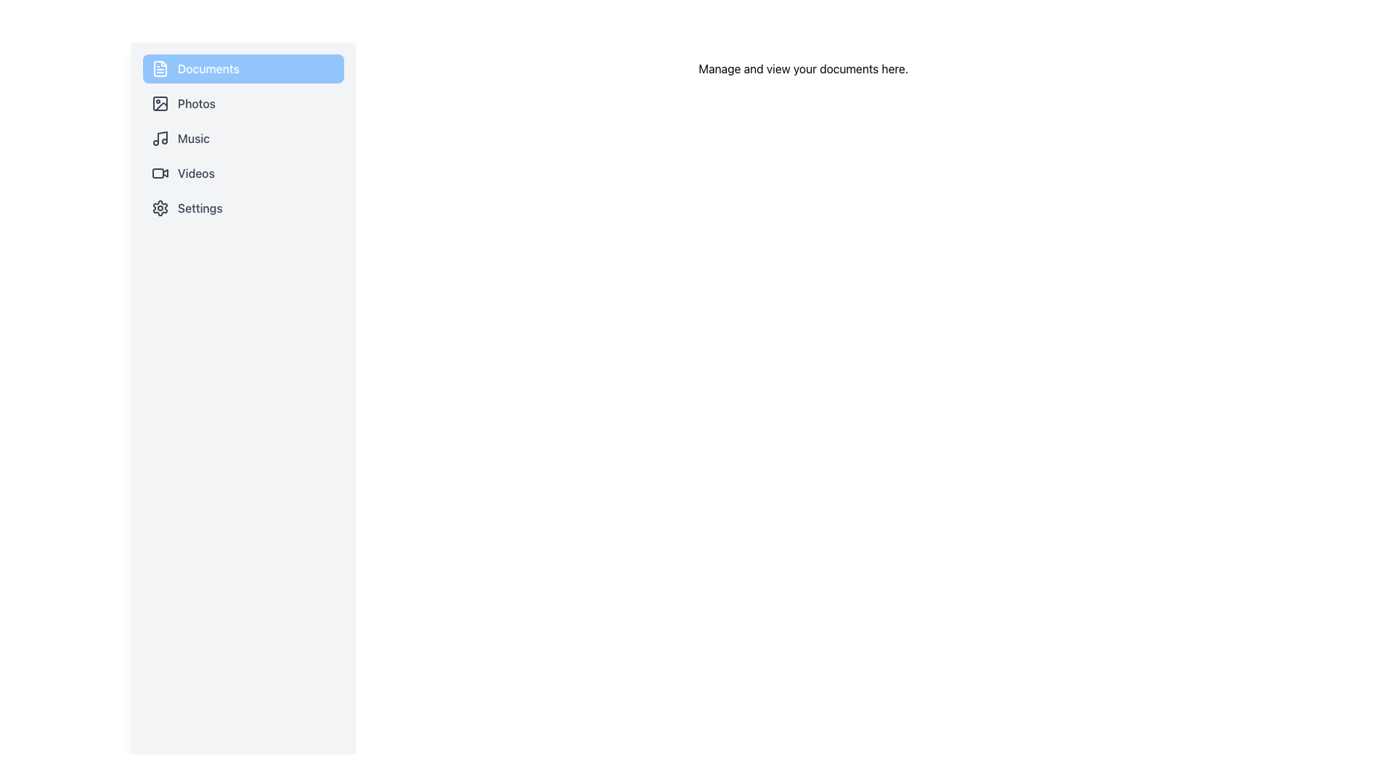  What do you see at coordinates (160, 102) in the screenshot?
I see `the 'Photos' icon in the vertical navigation menu, which visually signifies the content type of 'Photos' and is located on the second row, immediately left of the 'Photos' text` at bounding box center [160, 102].